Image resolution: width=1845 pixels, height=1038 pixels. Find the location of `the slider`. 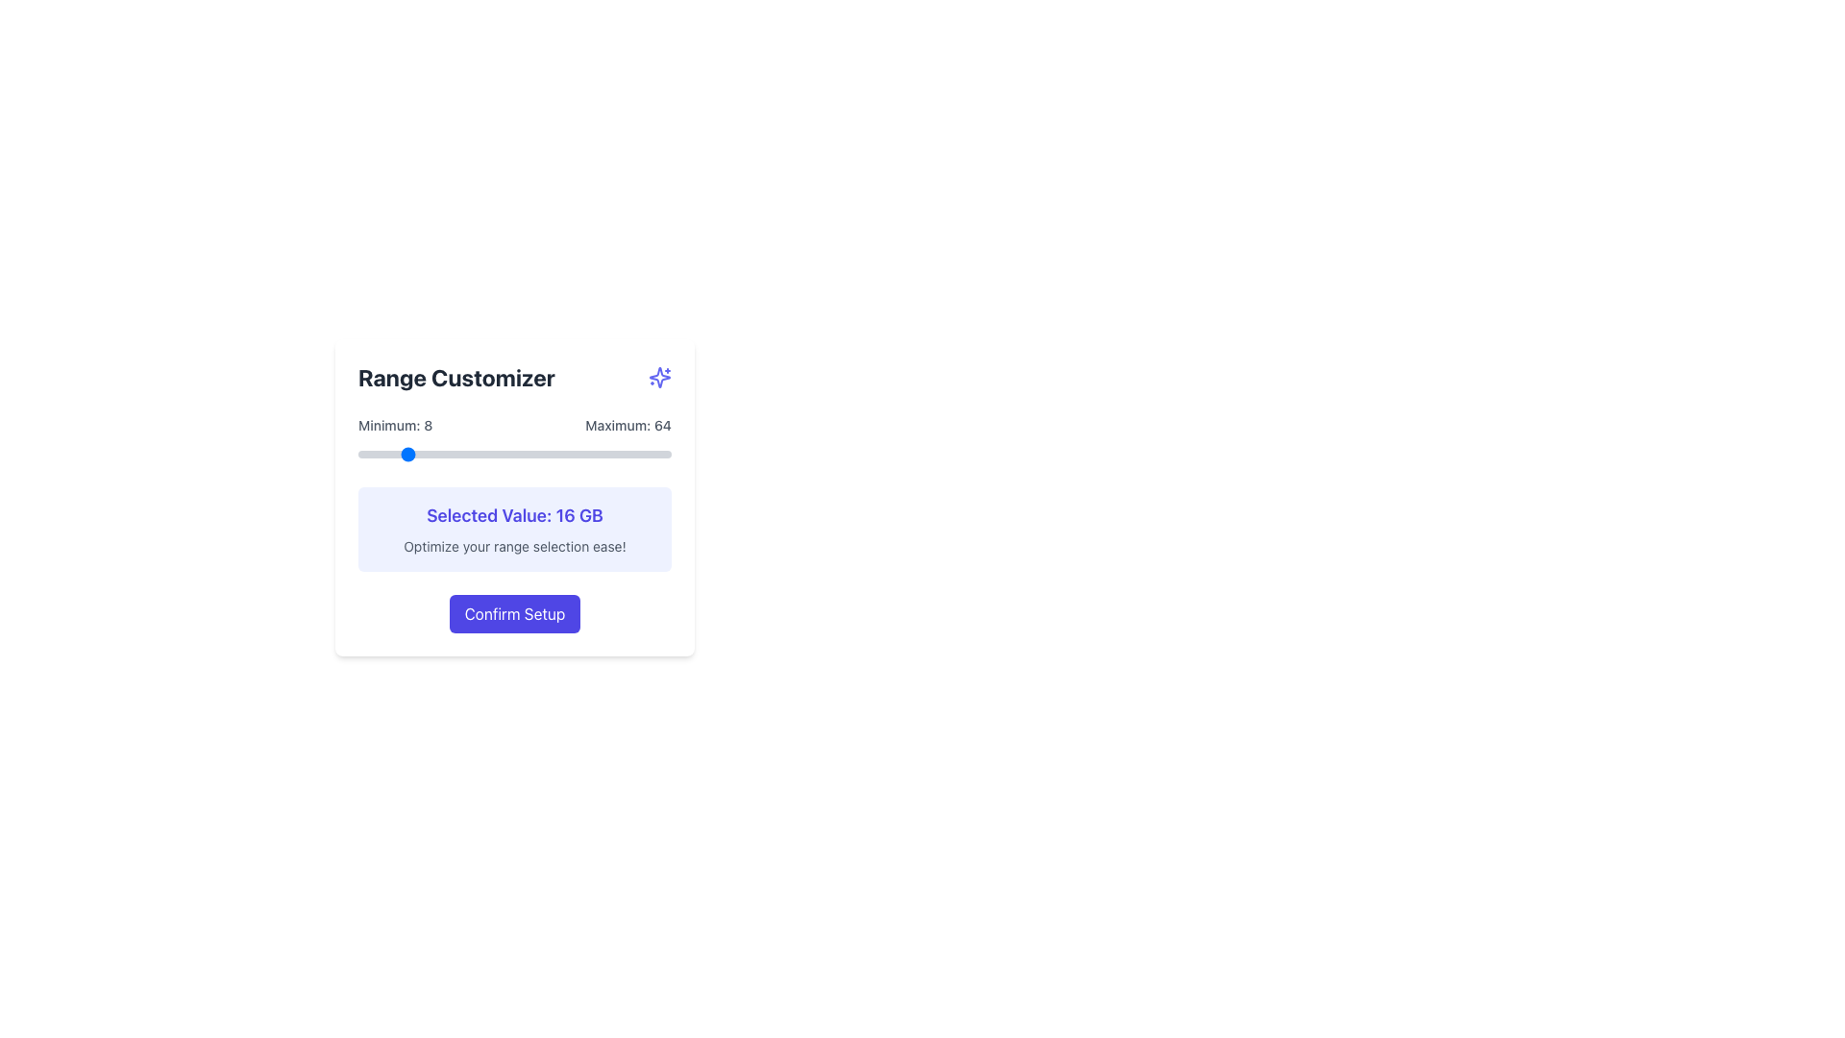

the slider is located at coordinates (486, 455).